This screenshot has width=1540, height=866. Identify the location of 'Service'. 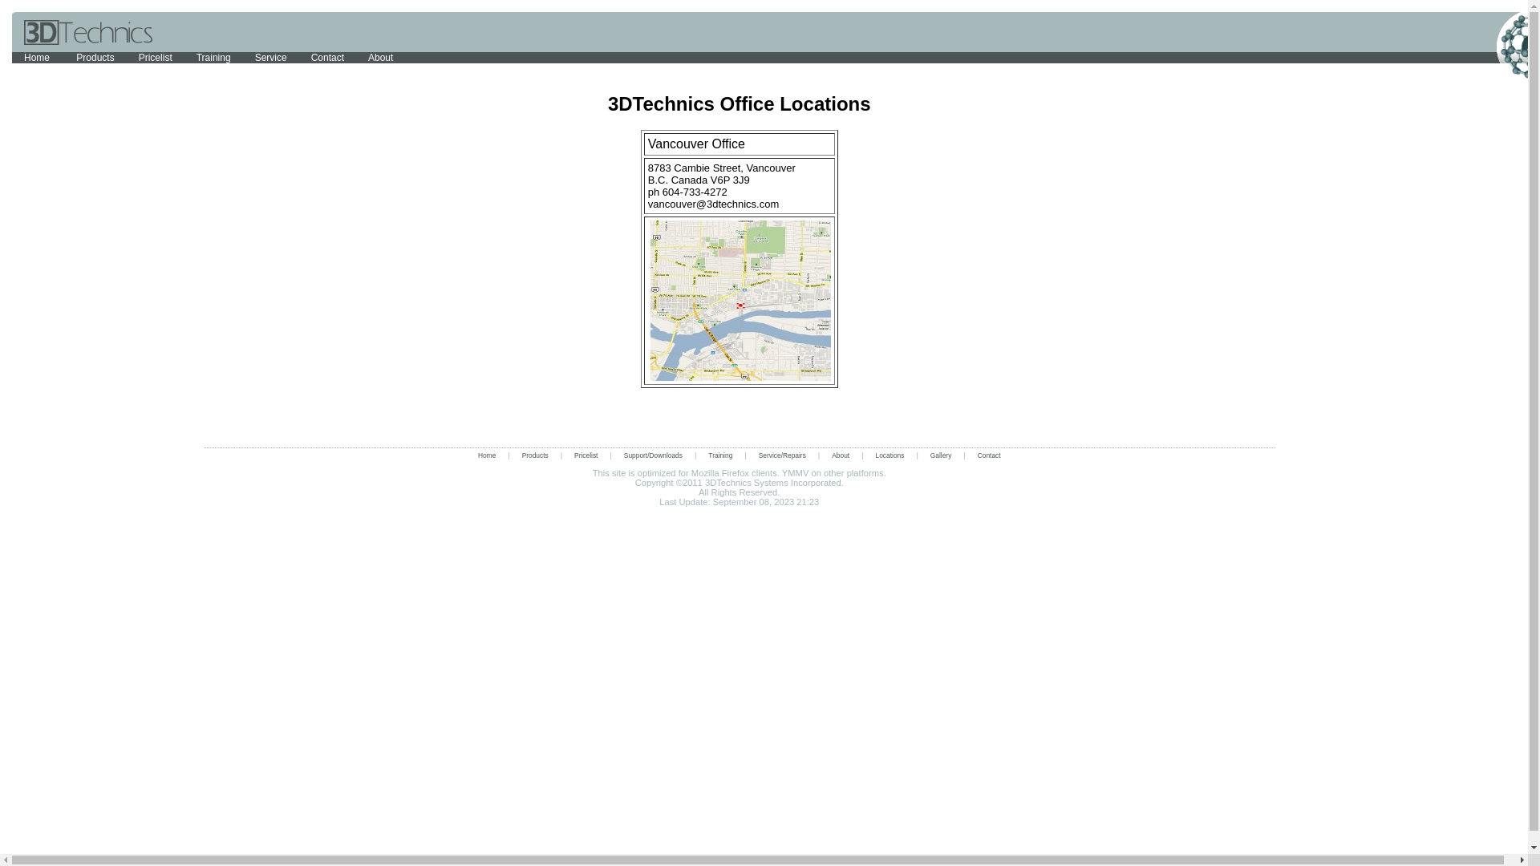
(270, 57).